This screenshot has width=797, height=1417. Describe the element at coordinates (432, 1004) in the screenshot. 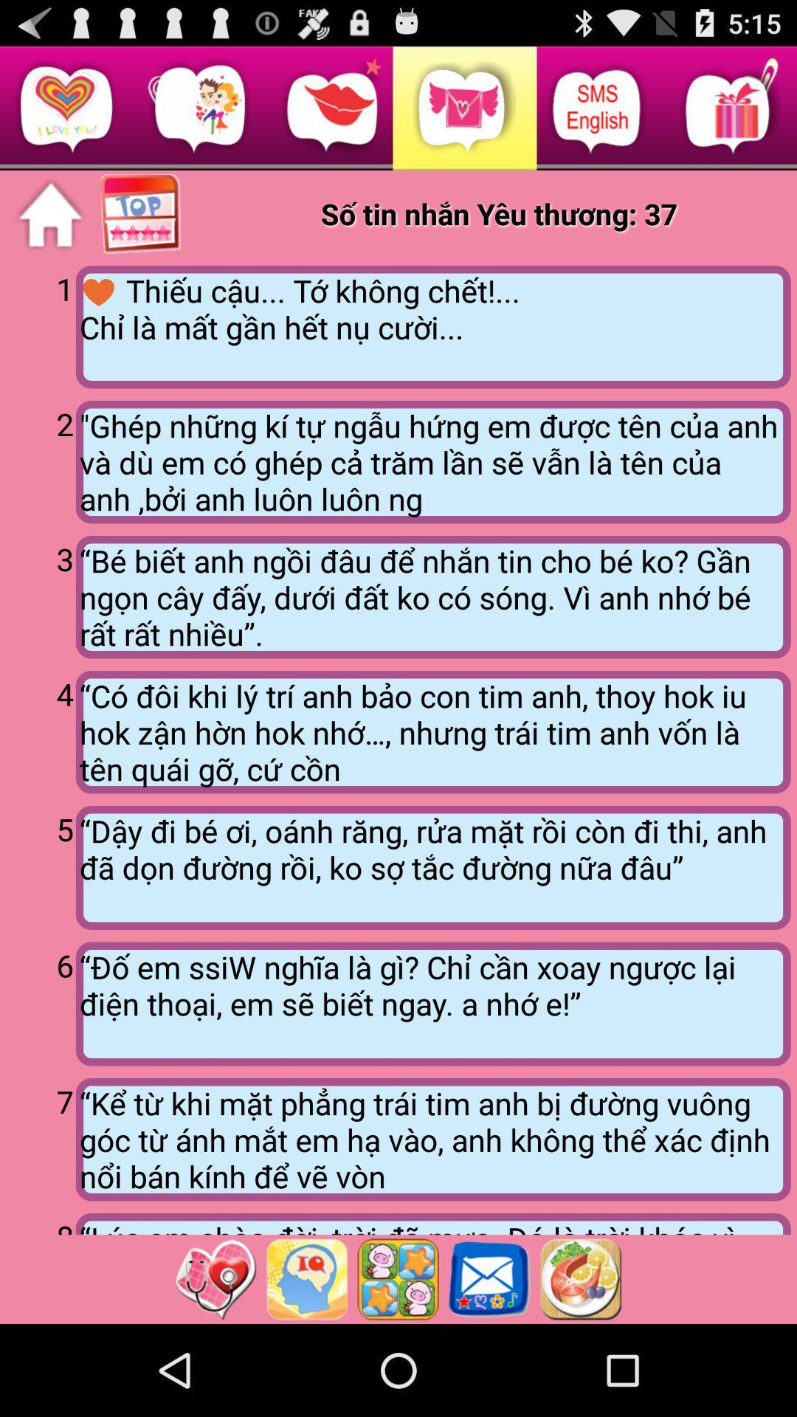

I see `the icon next to 6 app` at that location.